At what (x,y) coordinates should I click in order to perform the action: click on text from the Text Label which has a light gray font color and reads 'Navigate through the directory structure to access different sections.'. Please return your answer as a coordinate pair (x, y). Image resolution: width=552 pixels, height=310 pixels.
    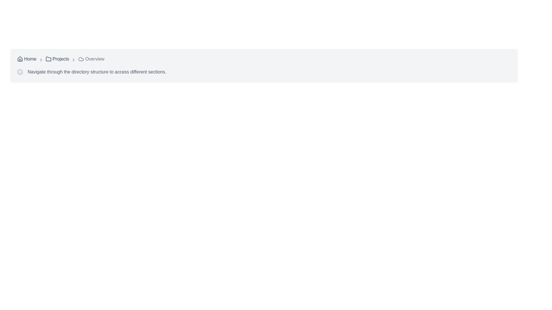
    Looking at the image, I should click on (97, 71).